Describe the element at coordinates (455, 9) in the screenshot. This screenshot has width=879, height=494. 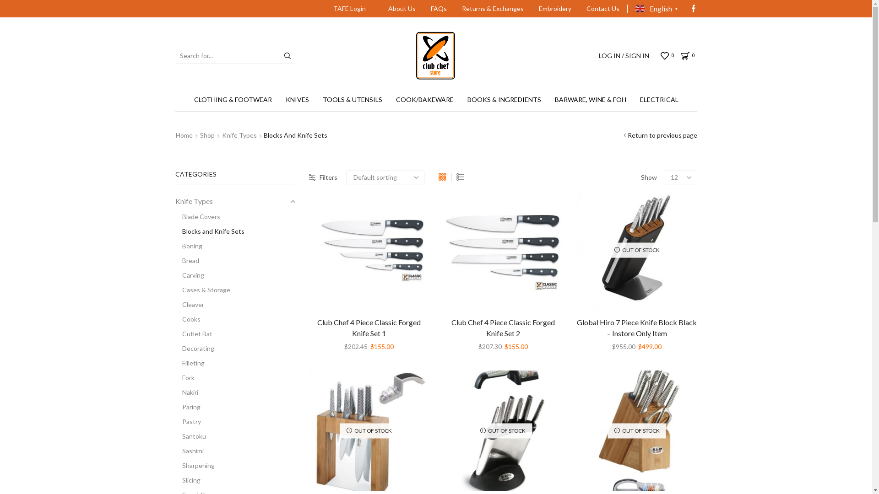
I see `'Returns & Exchanges'` at that location.